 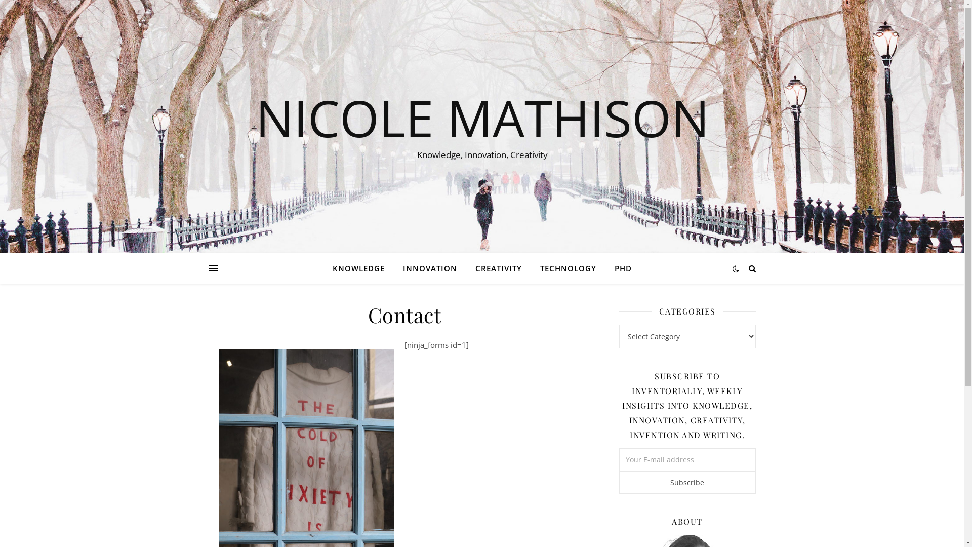 What do you see at coordinates (568, 267) in the screenshot?
I see `'TECHNOLOGY'` at bounding box center [568, 267].